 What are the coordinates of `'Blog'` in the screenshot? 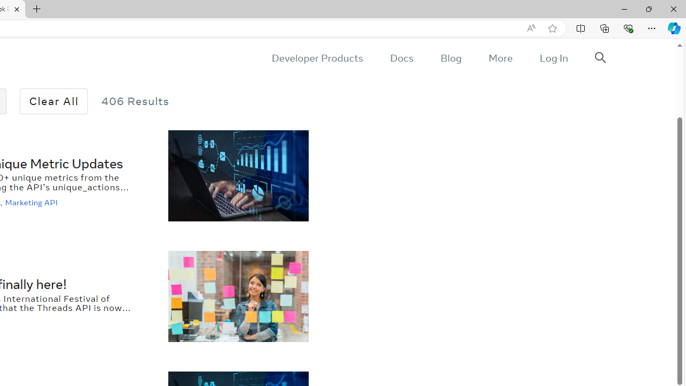 It's located at (451, 58).